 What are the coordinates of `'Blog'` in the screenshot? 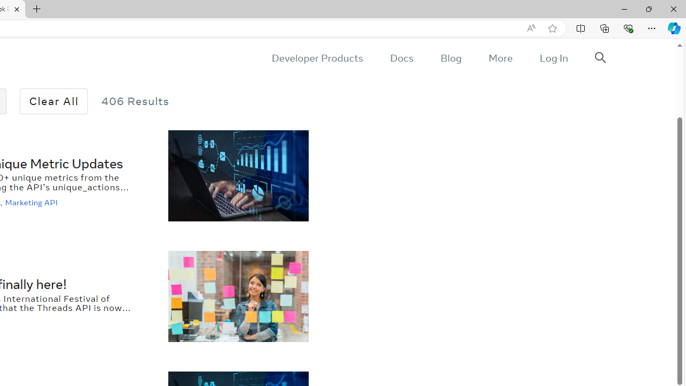 It's located at (451, 58).